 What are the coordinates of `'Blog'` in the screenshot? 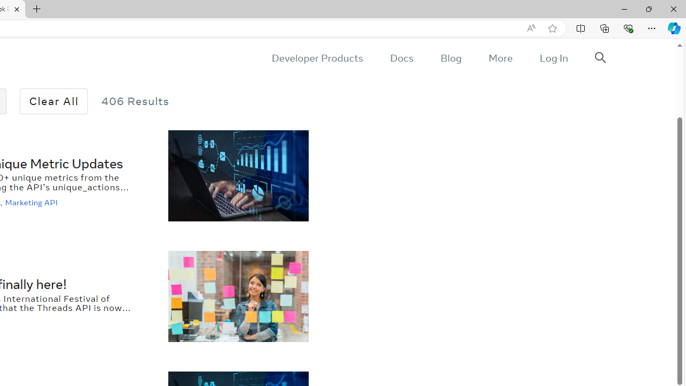 It's located at (451, 58).